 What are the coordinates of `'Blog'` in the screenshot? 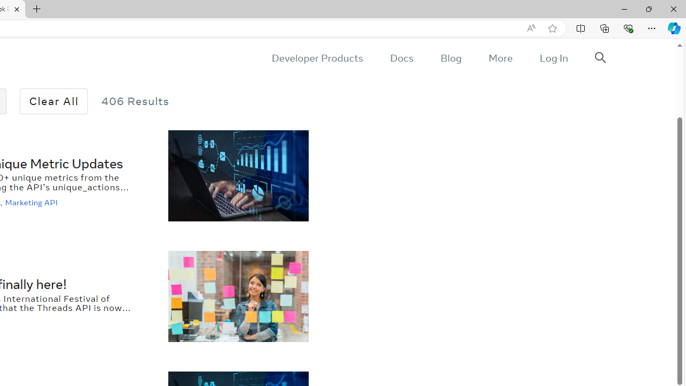 It's located at (451, 58).